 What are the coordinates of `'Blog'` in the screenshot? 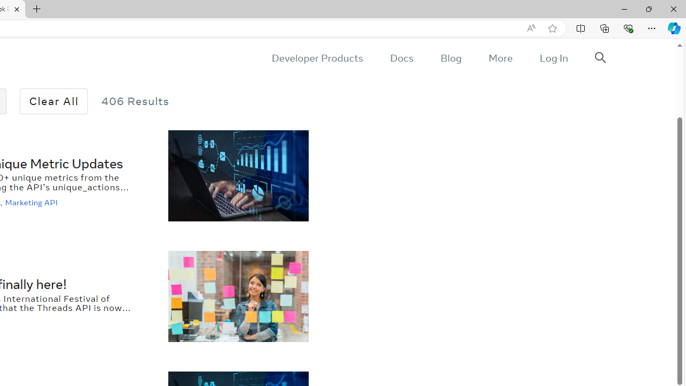 It's located at (451, 58).